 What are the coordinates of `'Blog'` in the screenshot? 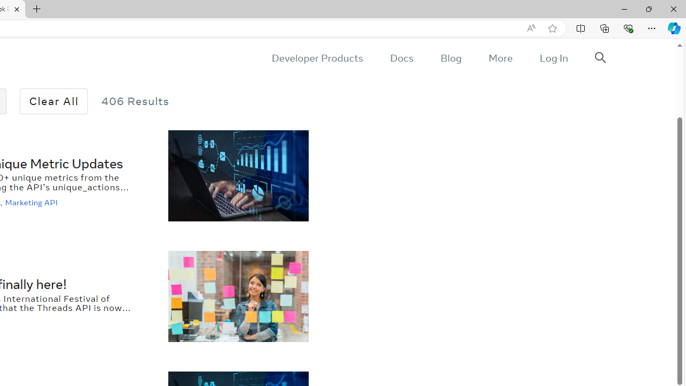 It's located at (451, 58).